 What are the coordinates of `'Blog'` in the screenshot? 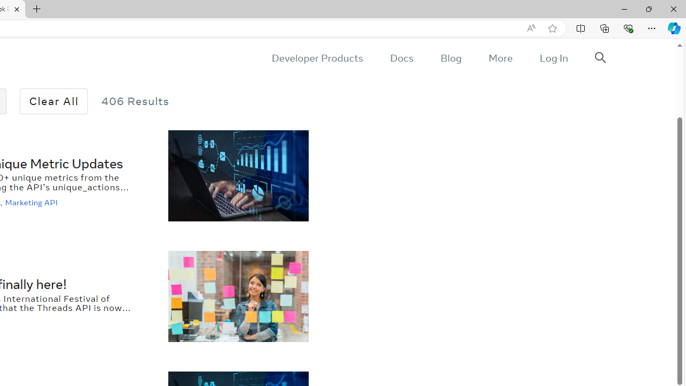 It's located at (451, 58).